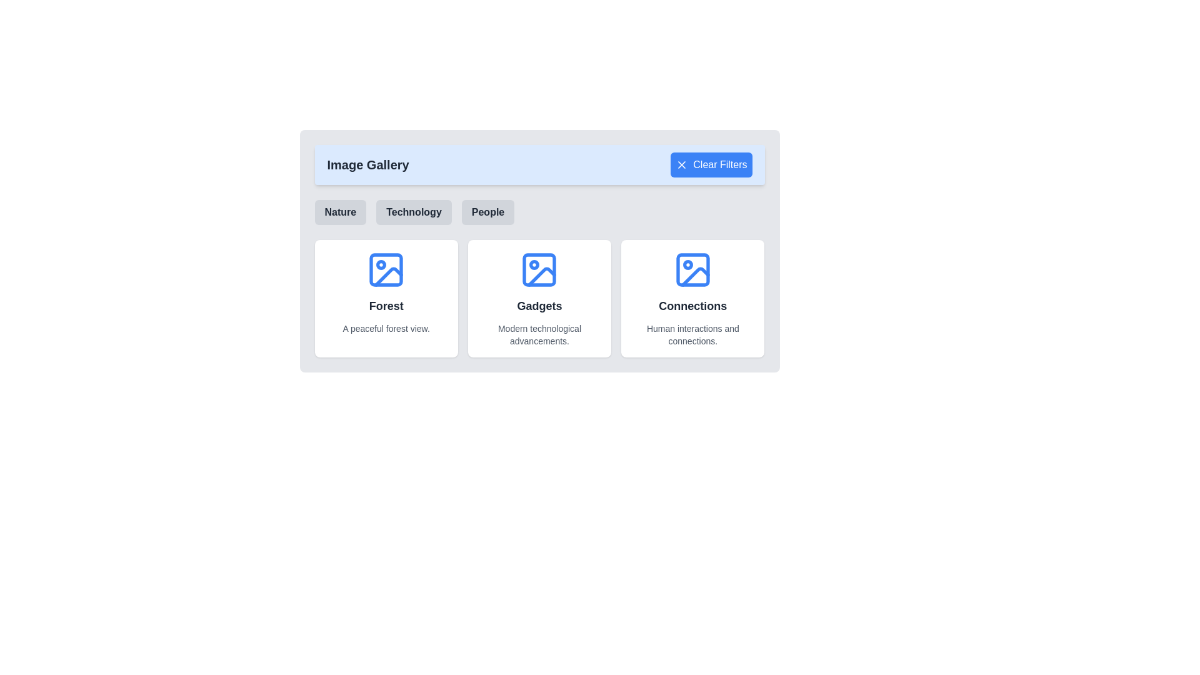  I want to click on the 'Technology' button, which is a gray rectangular button with rounded corners and bold centered text, located between the 'Nature' and 'People' buttons under the 'Image Gallery' header, so click(414, 211).